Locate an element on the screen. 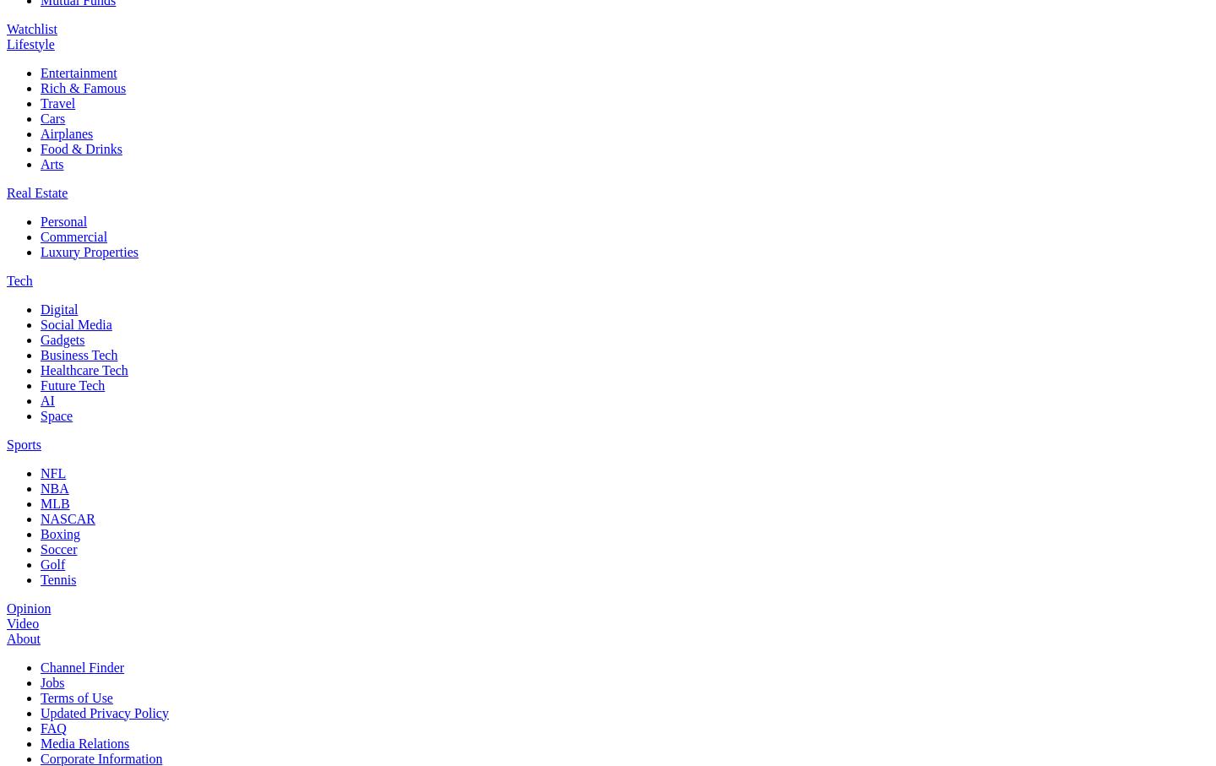 The image size is (1216, 766). 'Future Tech' is located at coordinates (72, 384).